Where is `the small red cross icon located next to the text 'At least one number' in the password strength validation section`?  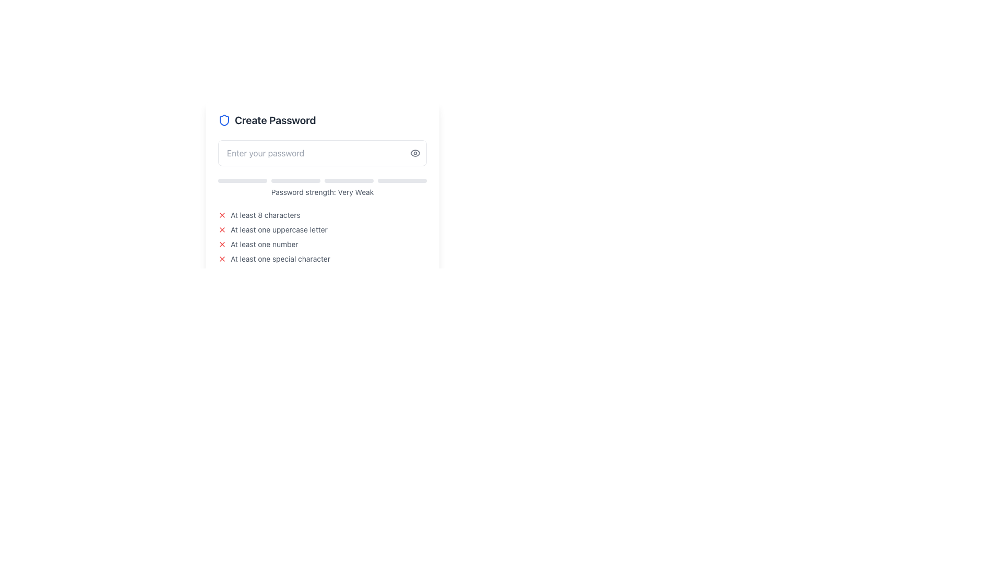
the small red cross icon located next to the text 'At least one number' in the password strength validation section is located at coordinates (222, 244).